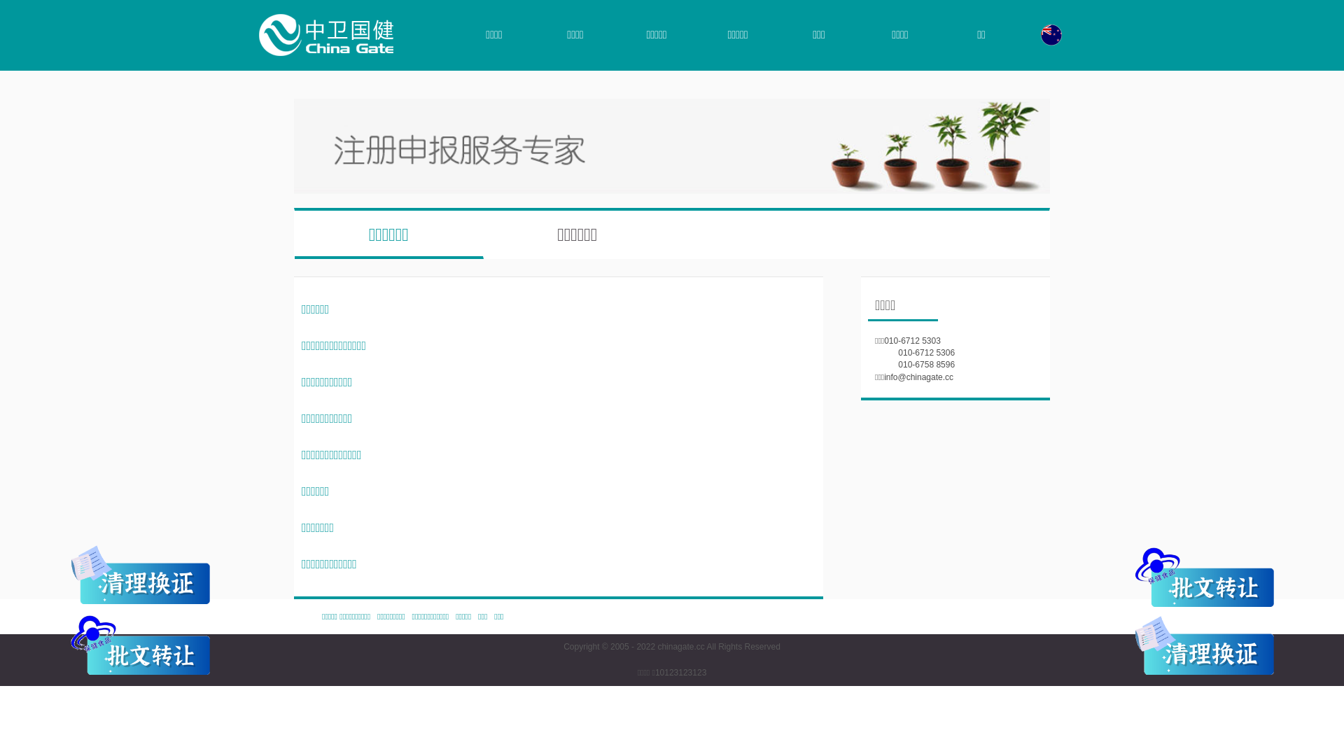  Describe the element at coordinates (1051, 34) in the screenshot. I see `'English'` at that location.